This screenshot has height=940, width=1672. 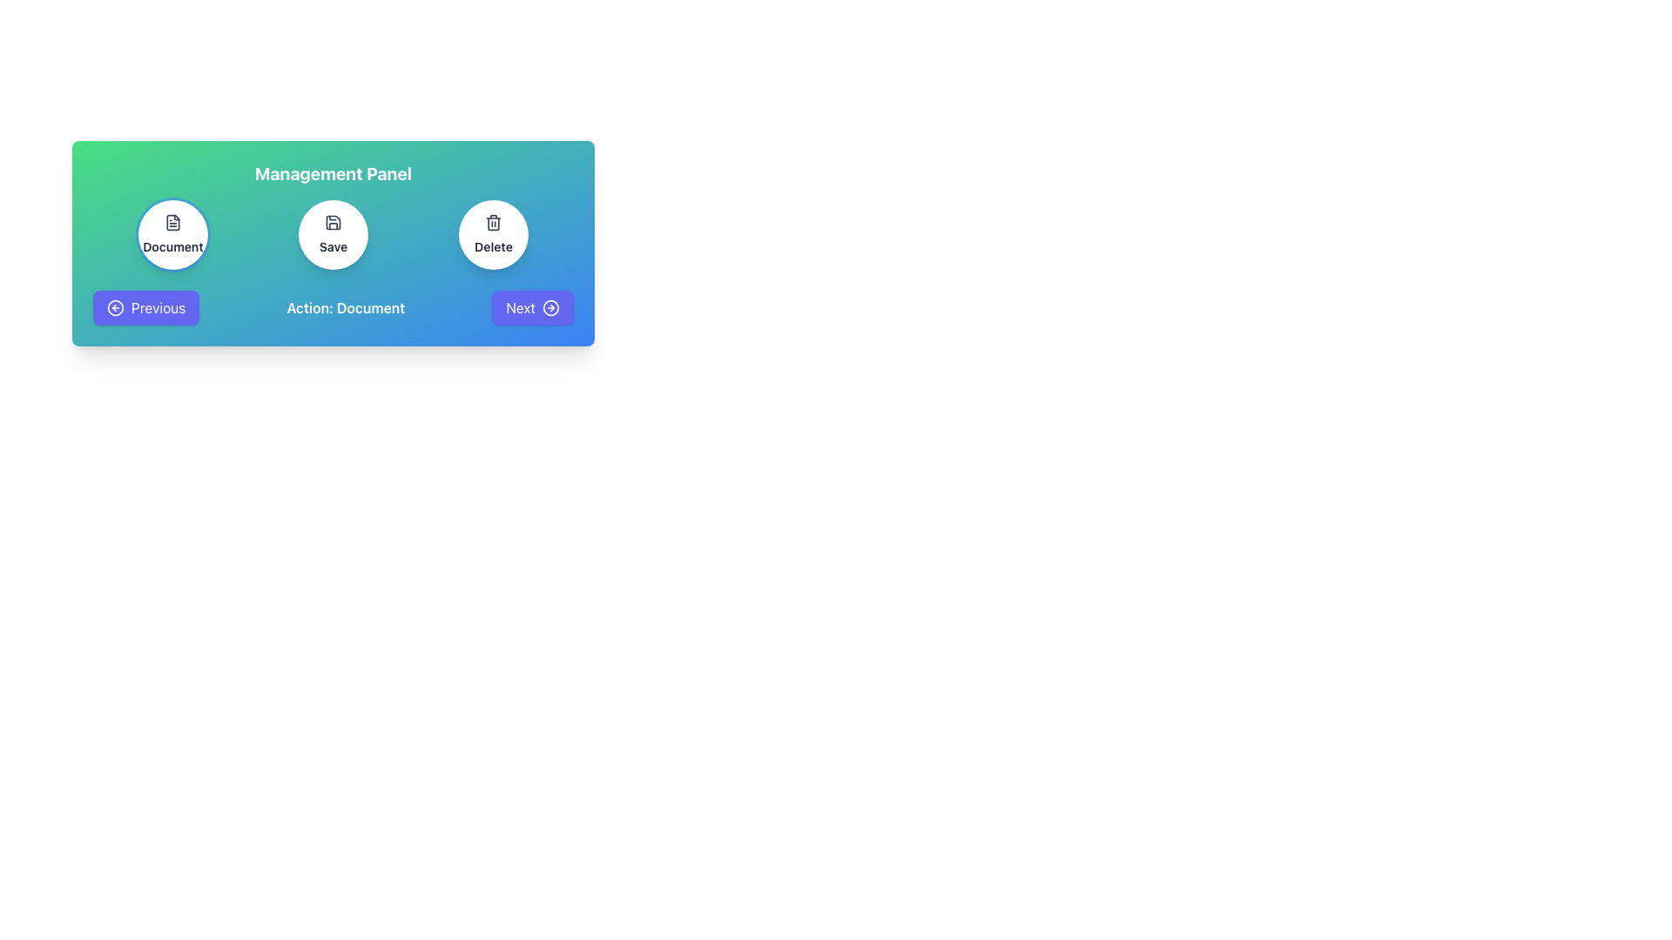 What do you see at coordinates (146, 307) in the screenshot?
I see `the rectangular button with a purple background and white text reading 'Previous'` at bounding box center [146, 307].